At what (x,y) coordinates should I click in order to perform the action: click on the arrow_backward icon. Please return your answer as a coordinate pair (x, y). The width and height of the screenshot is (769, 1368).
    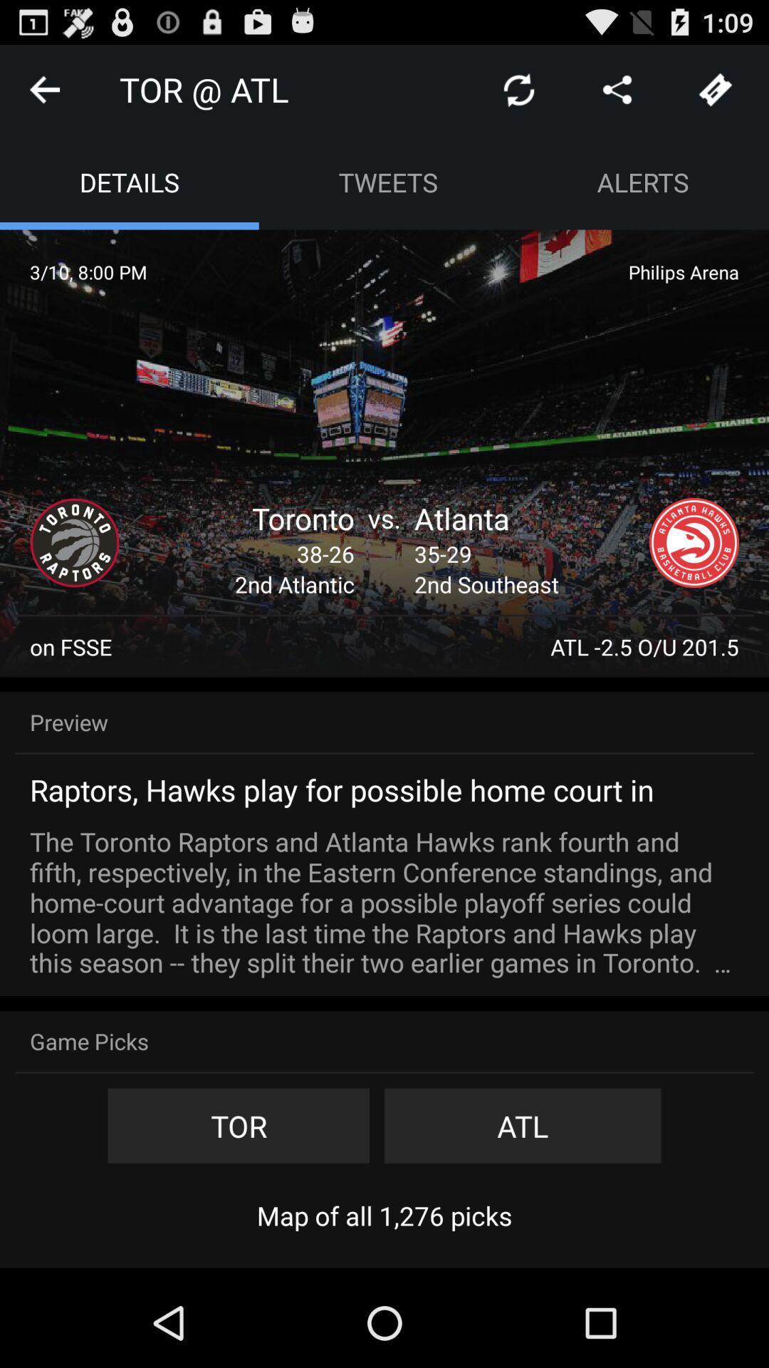
    Looking at the image, I should click on (43, 95).